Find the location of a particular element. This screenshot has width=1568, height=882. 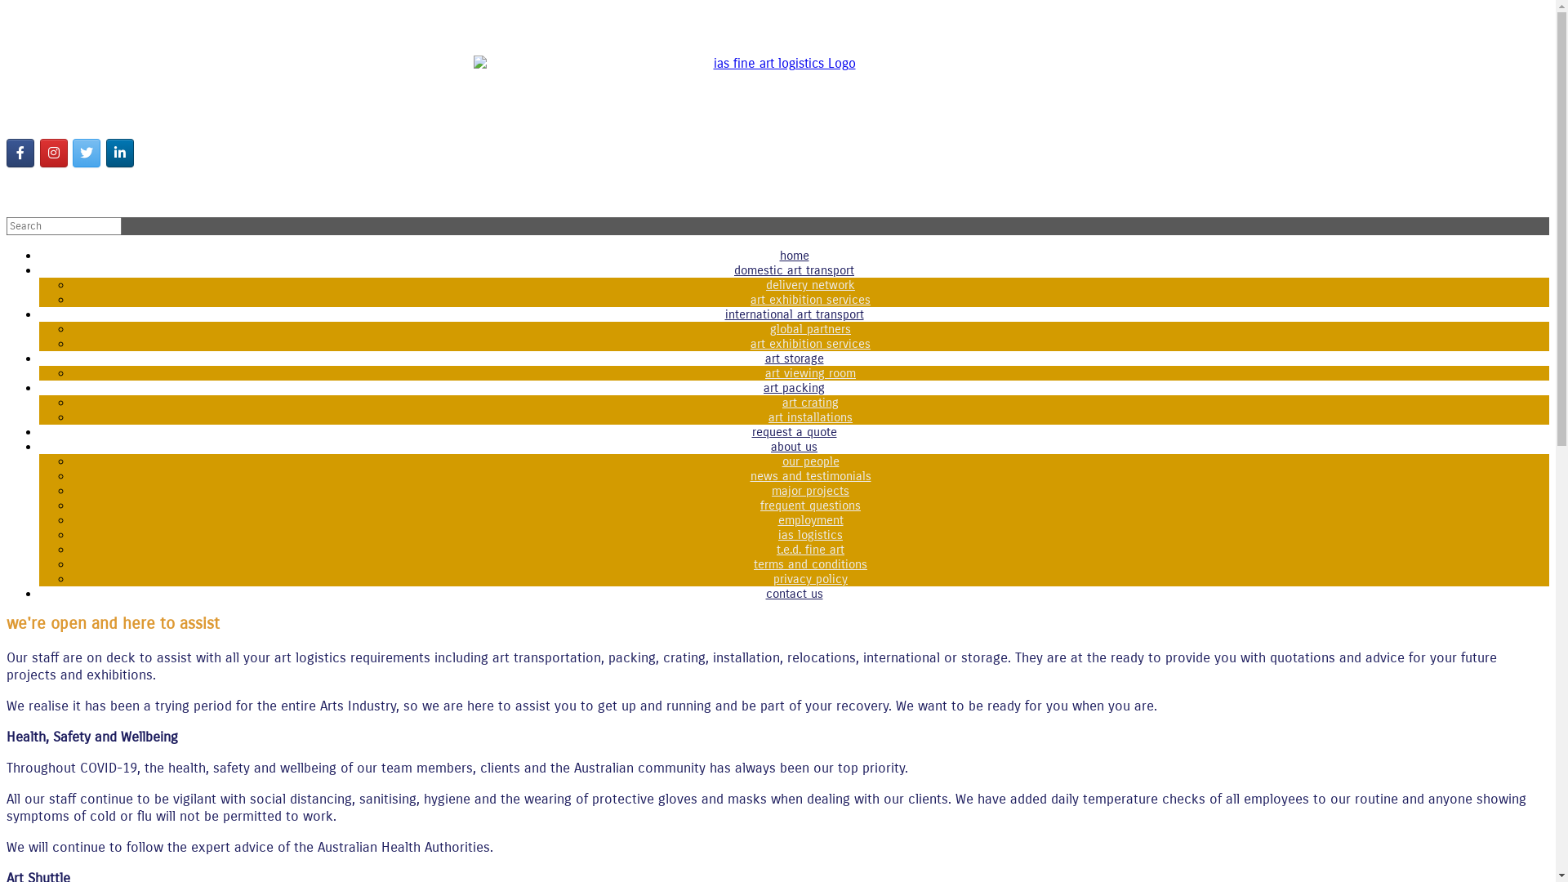

'employment' is located at coordinates (810, 519).